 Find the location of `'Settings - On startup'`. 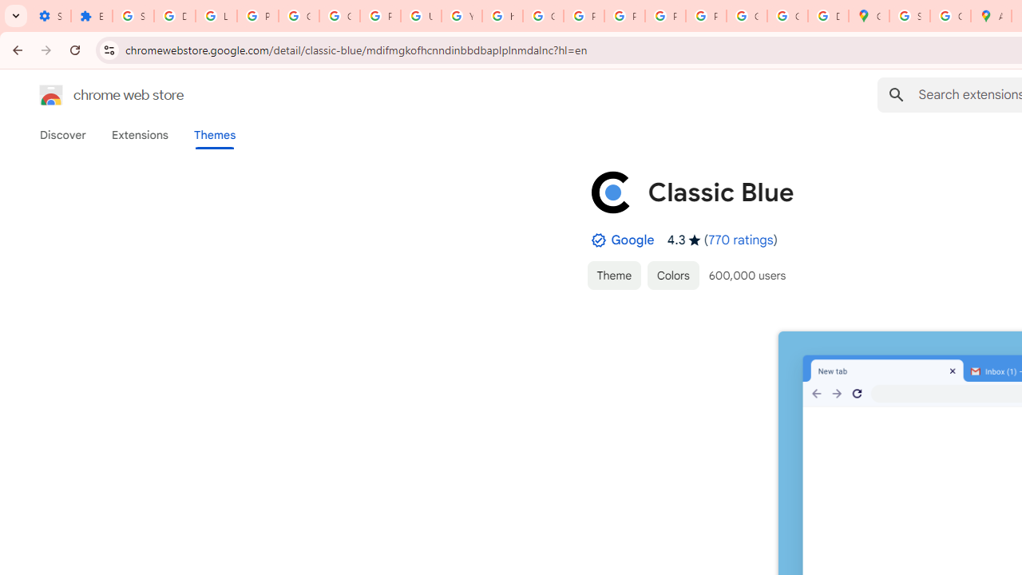

'Settings - On startup' is located at coordinates (50, 16).